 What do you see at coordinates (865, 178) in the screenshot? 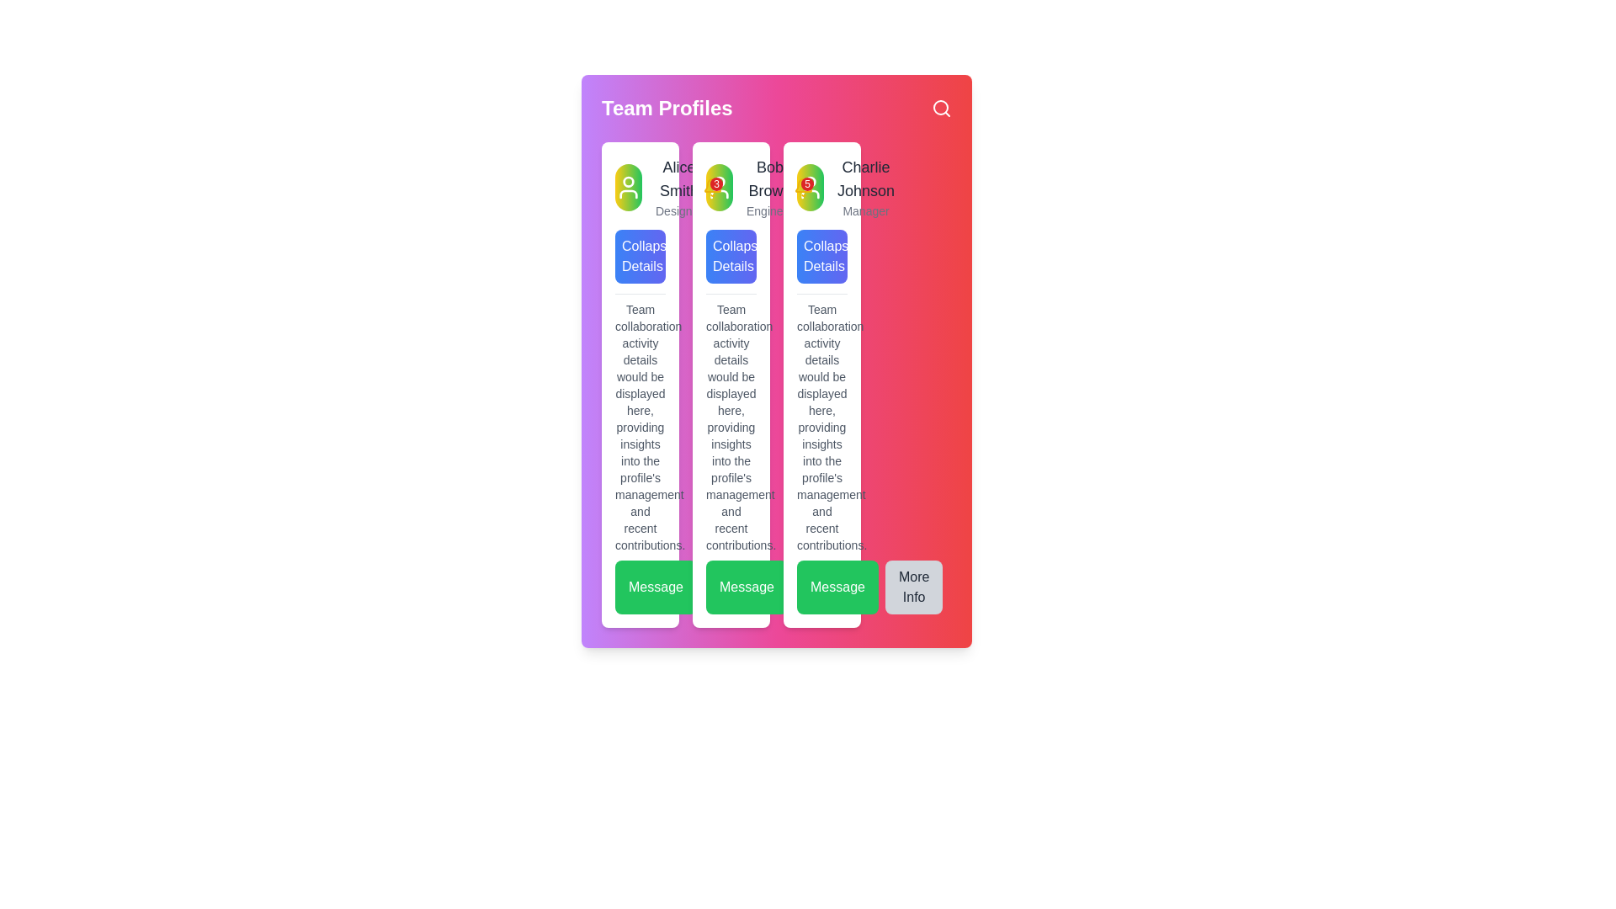
I see `the text label representing the user profile in the third vertical profile card, located just beneath the profile icon and above the title 'Manager'` at bounding box center [865, 178].